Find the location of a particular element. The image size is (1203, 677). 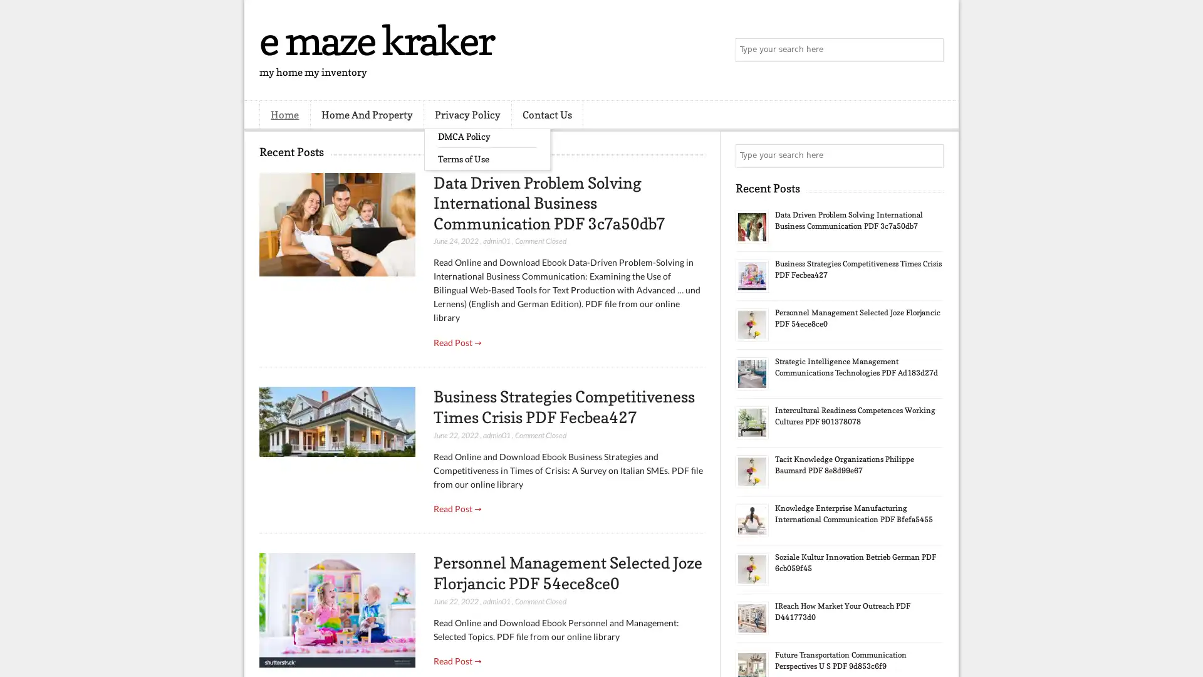

Search is located at coordinates (930, 50).